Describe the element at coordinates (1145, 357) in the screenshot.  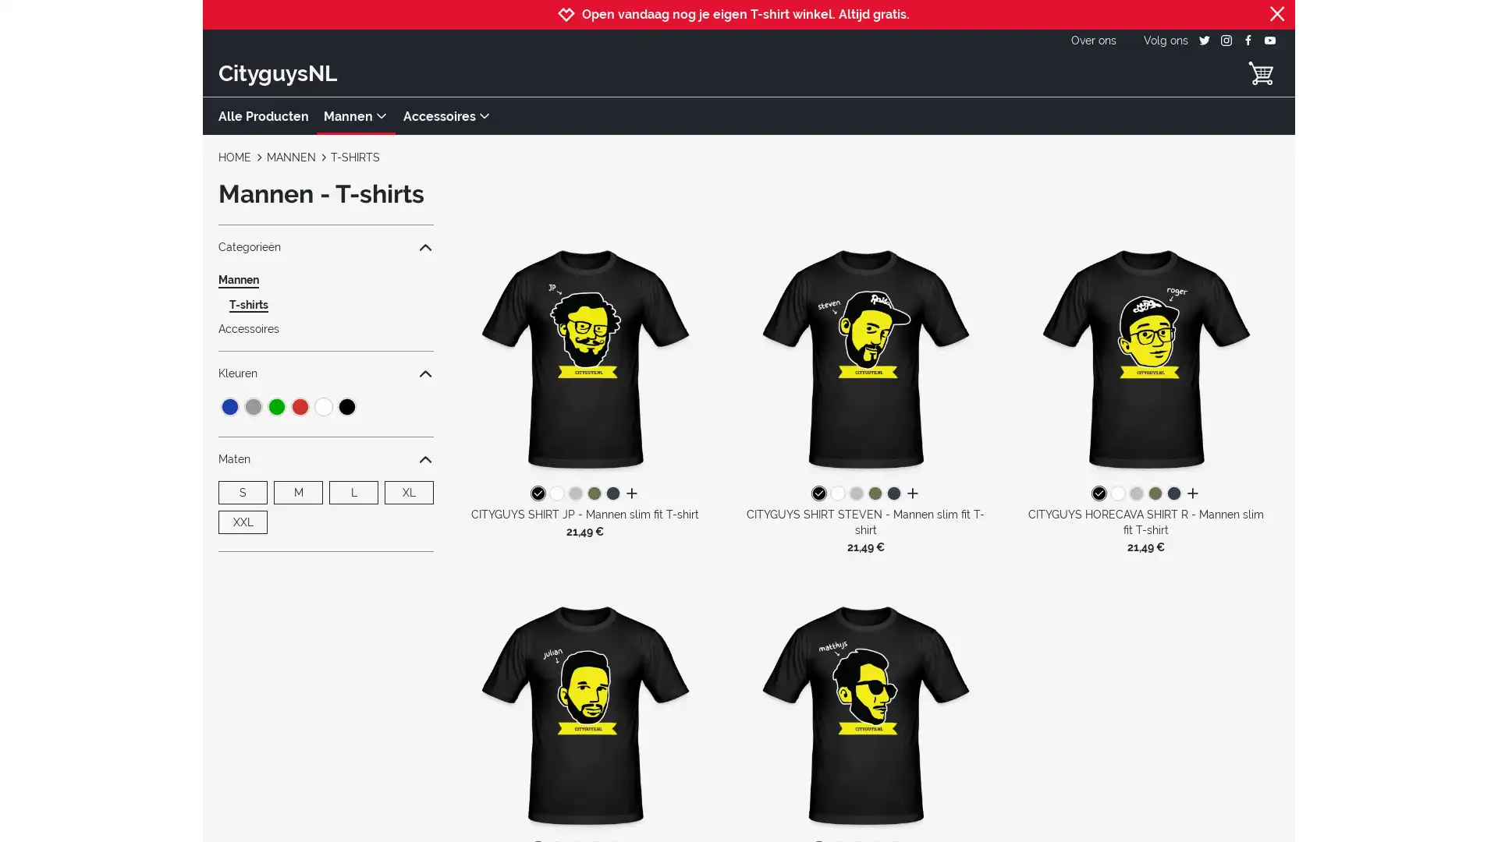
I see `CITYGUYS HORECAVA SHIRT R - Mannen slim fit T-shirt` at that location.